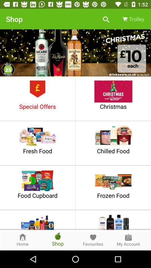  What do you see at coordinates (106, 19) in the screenshot?
I see `item to the left of the trolley` at bounding box center [106, 19].